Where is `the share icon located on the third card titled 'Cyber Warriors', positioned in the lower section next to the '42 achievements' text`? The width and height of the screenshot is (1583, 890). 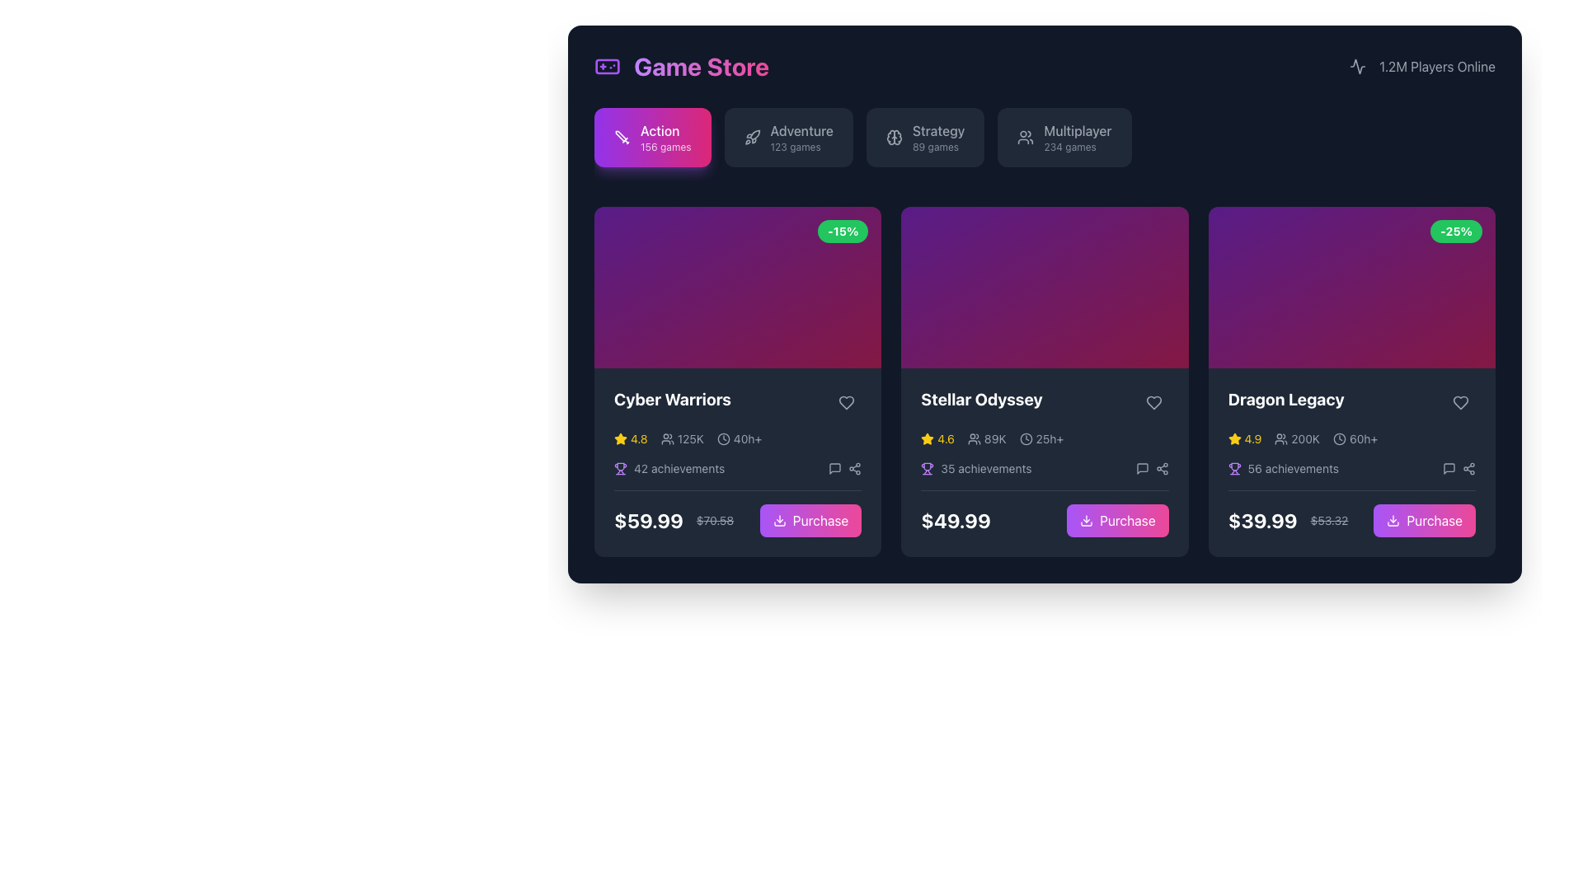
the share icon located on the third card titled 'Cyber Warriors', positioned in the lower section next to the '42 achievements' text is located at coordinates (845, 468).